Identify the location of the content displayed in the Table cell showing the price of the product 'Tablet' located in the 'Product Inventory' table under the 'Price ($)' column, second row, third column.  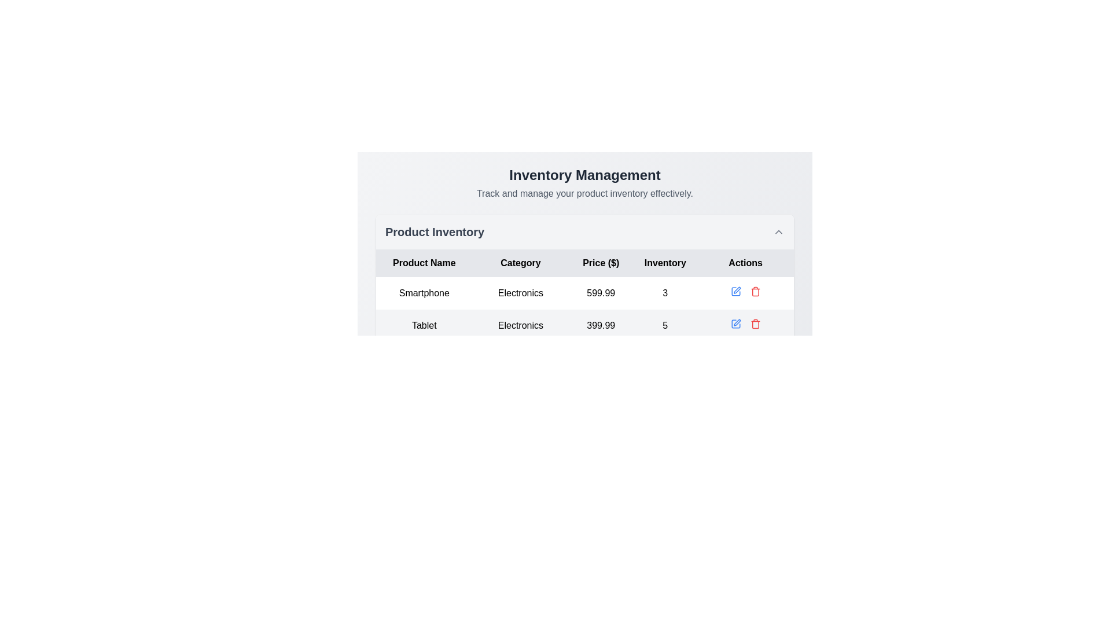
(585, 326).